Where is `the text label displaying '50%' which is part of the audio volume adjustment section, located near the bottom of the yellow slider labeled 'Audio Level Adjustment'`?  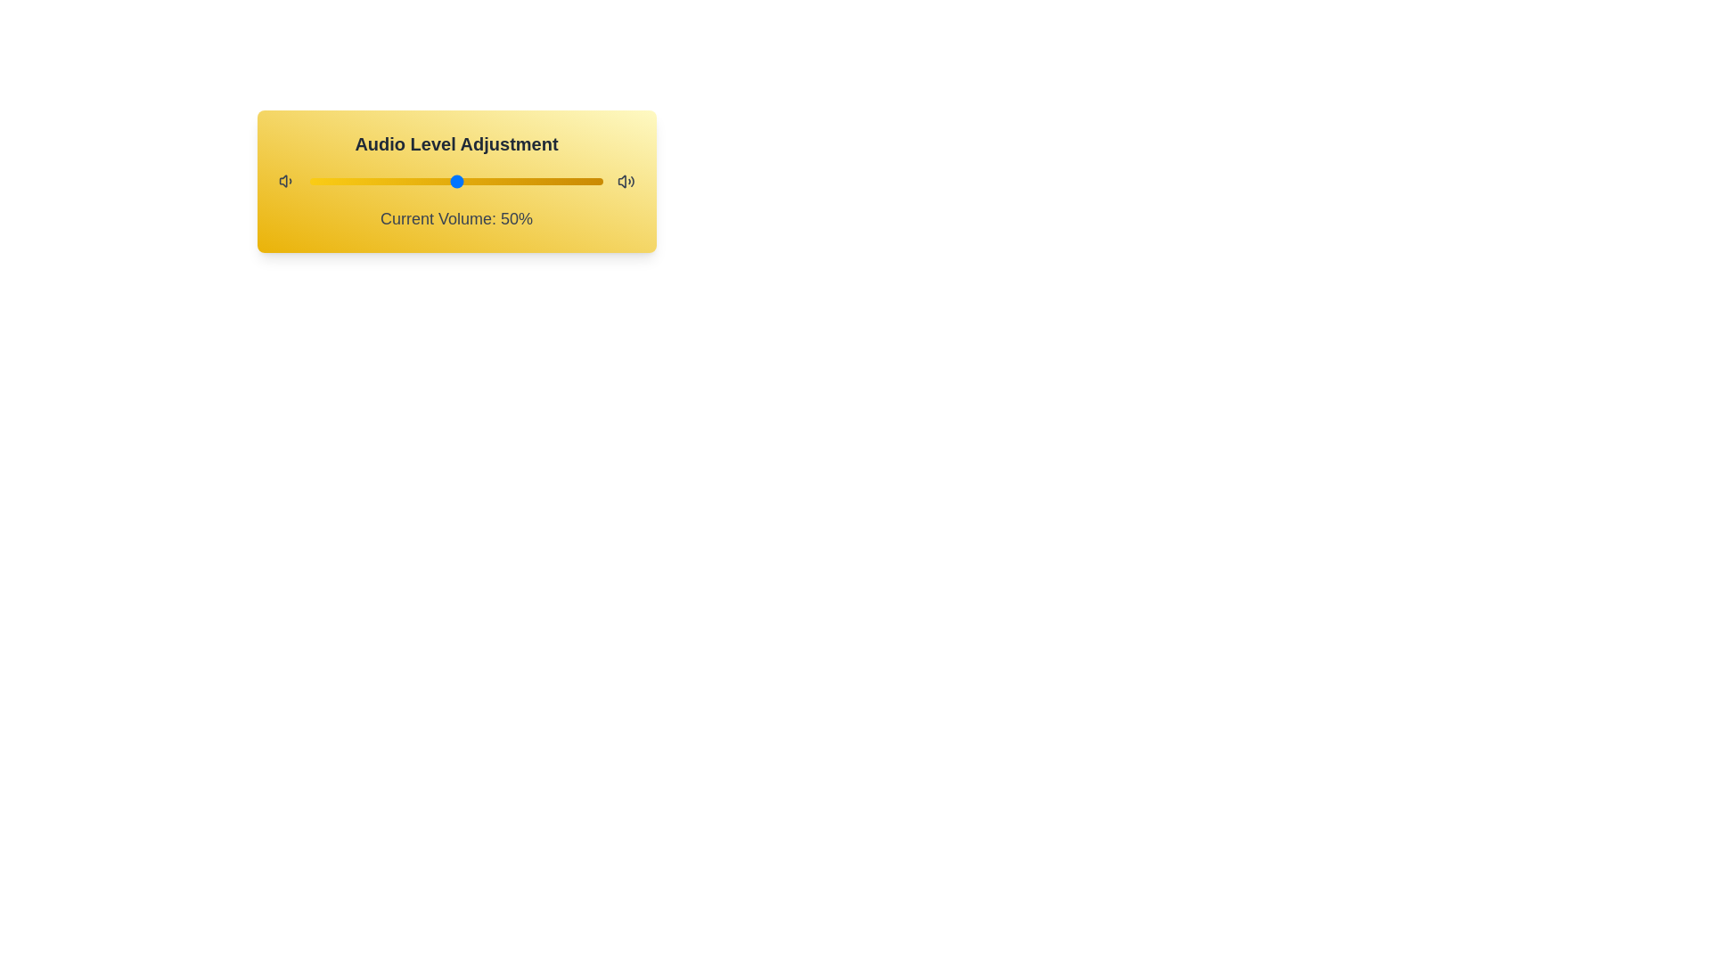
the text label displaying '50%' which is part of the audio volume adjustment section, located near the bottom of the yellow slider labeled 'Audio Level Adjustment' is located at coordinates (516, 218).